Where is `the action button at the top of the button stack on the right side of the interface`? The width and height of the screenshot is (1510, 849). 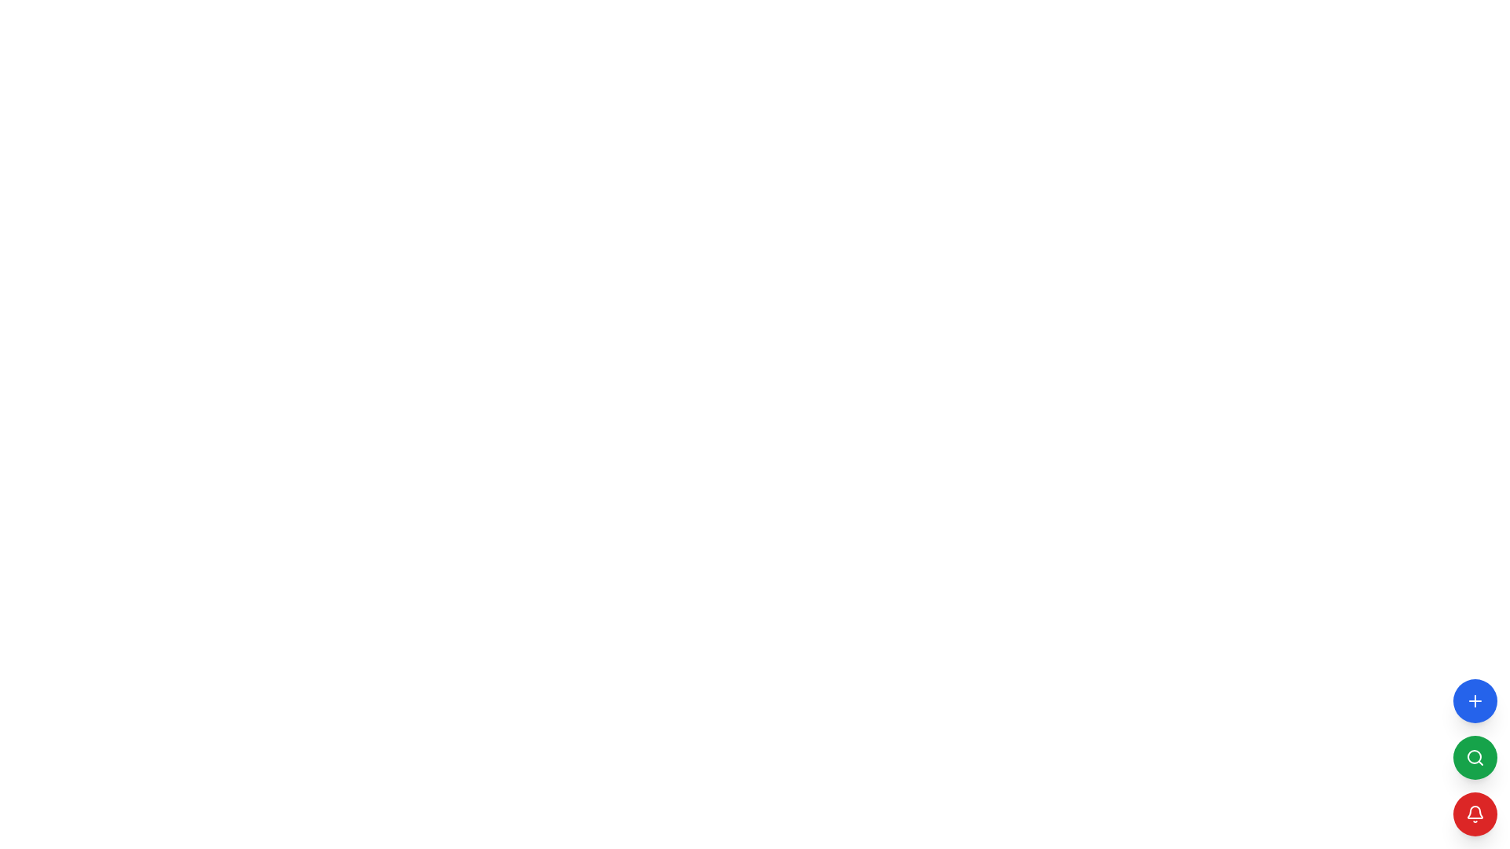 the action button at the top of the button stack on the right side of the interface is located at coordinates (1475, 700).